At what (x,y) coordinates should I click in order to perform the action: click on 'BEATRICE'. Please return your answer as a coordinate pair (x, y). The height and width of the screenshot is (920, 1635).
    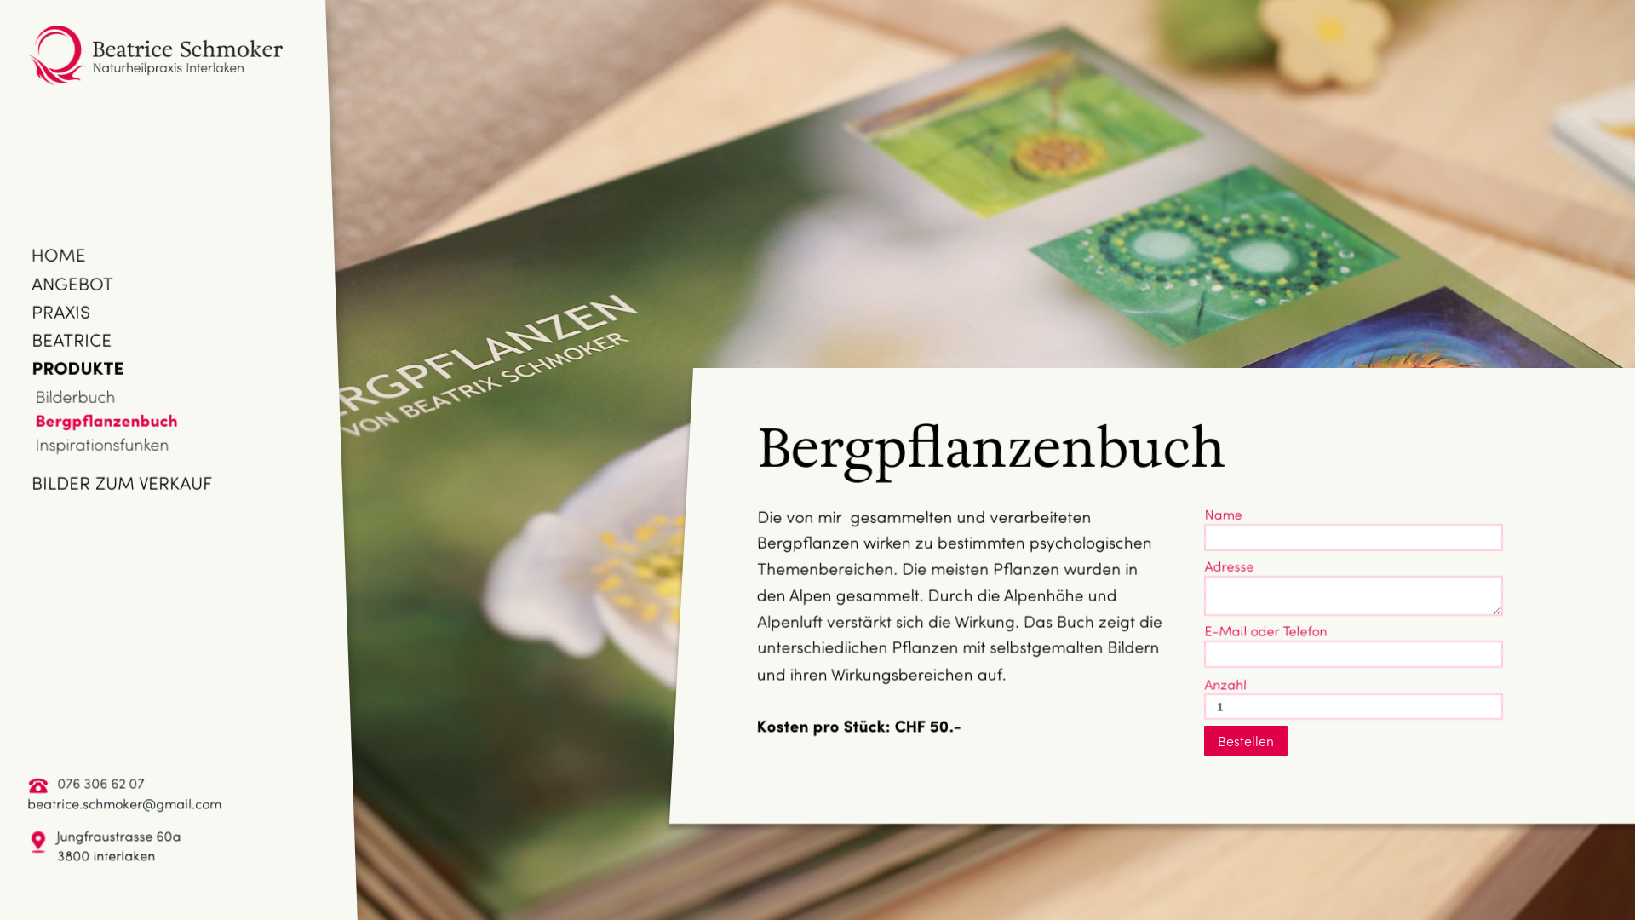
    Looking at the image, I should click on (70, 338).